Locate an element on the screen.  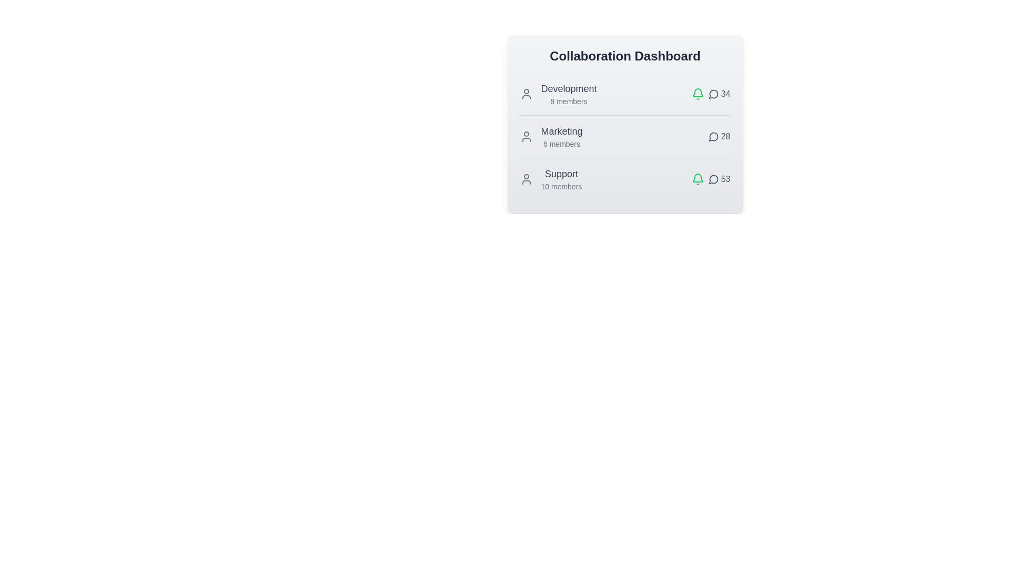
the message_circle icon of the Support team is located at coordinates (713, 178).